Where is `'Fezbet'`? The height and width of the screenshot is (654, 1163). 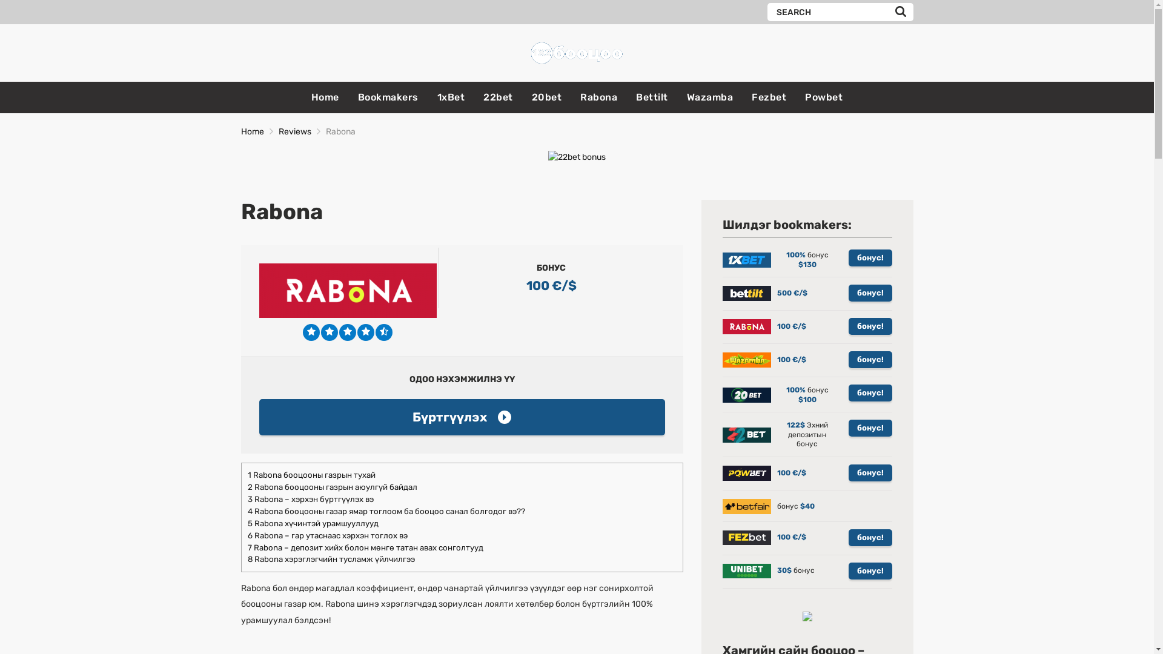
'Fezbet' is located at coordinates (768, 97).